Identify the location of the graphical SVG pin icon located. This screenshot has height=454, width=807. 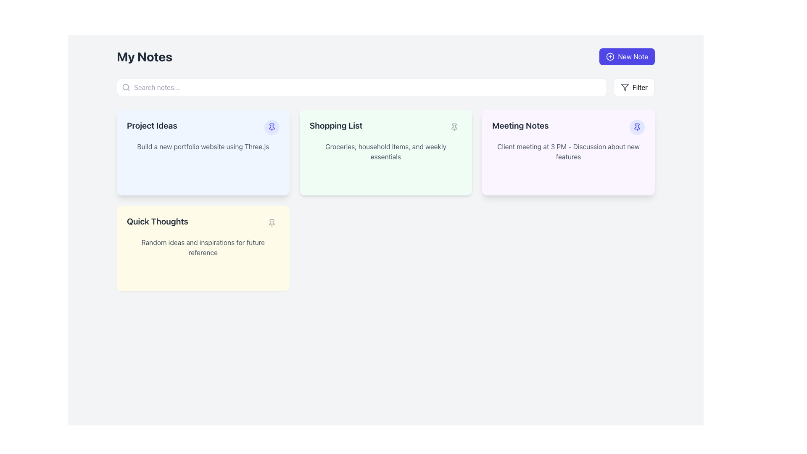
(454, 126).